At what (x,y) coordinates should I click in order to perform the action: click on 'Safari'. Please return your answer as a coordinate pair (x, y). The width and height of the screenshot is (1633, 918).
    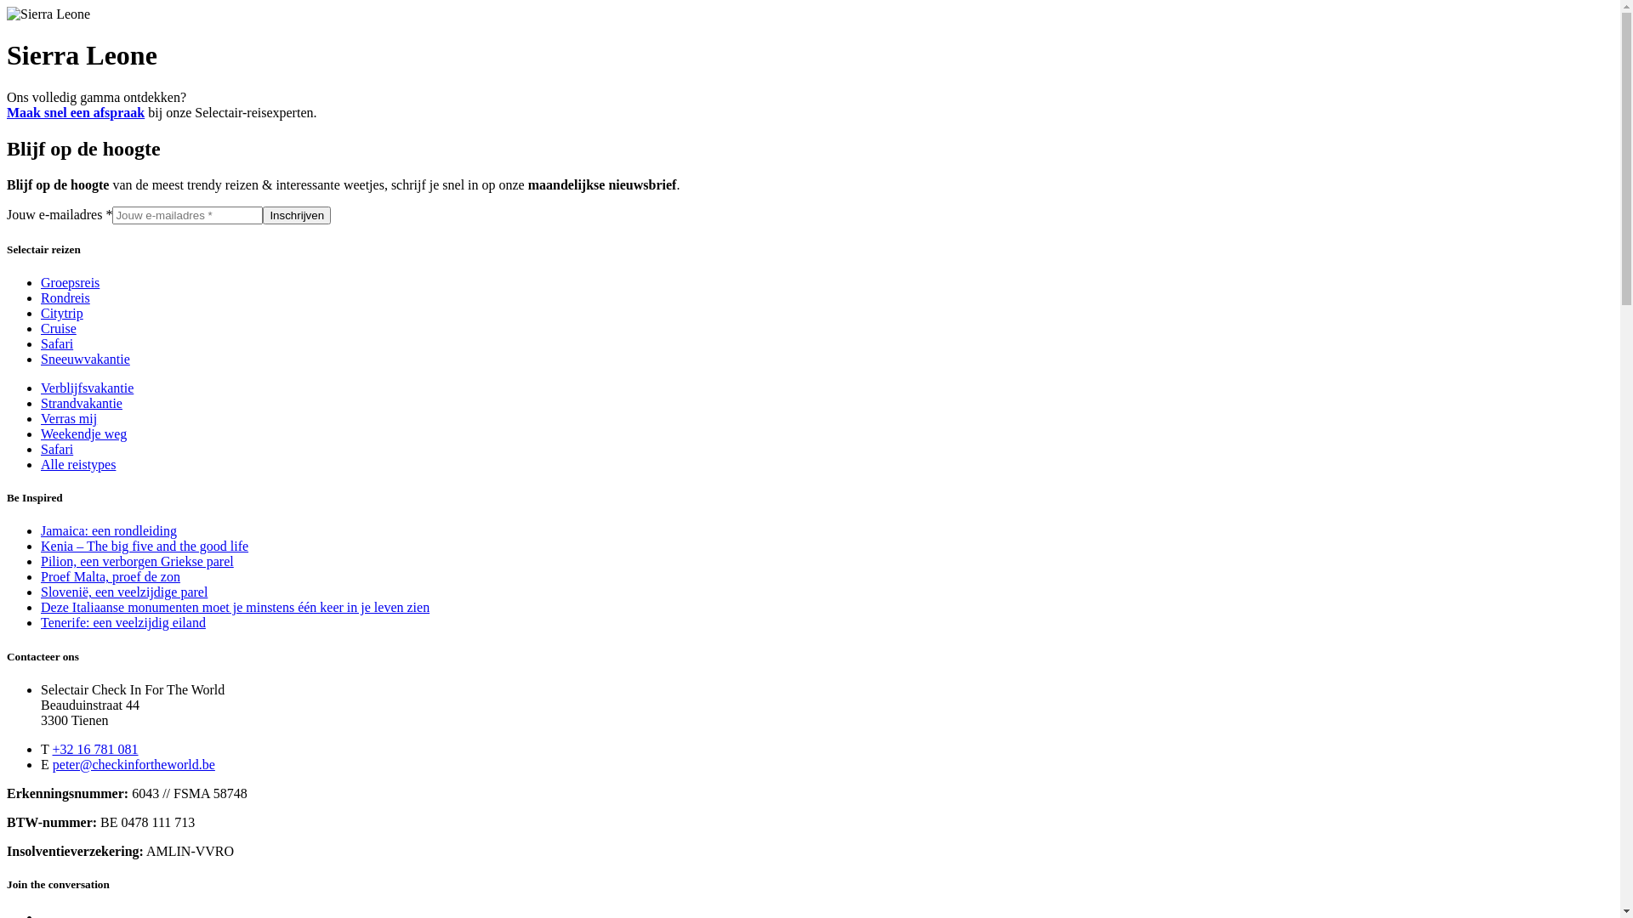
    Looking at the image, I should click on (57, 343).